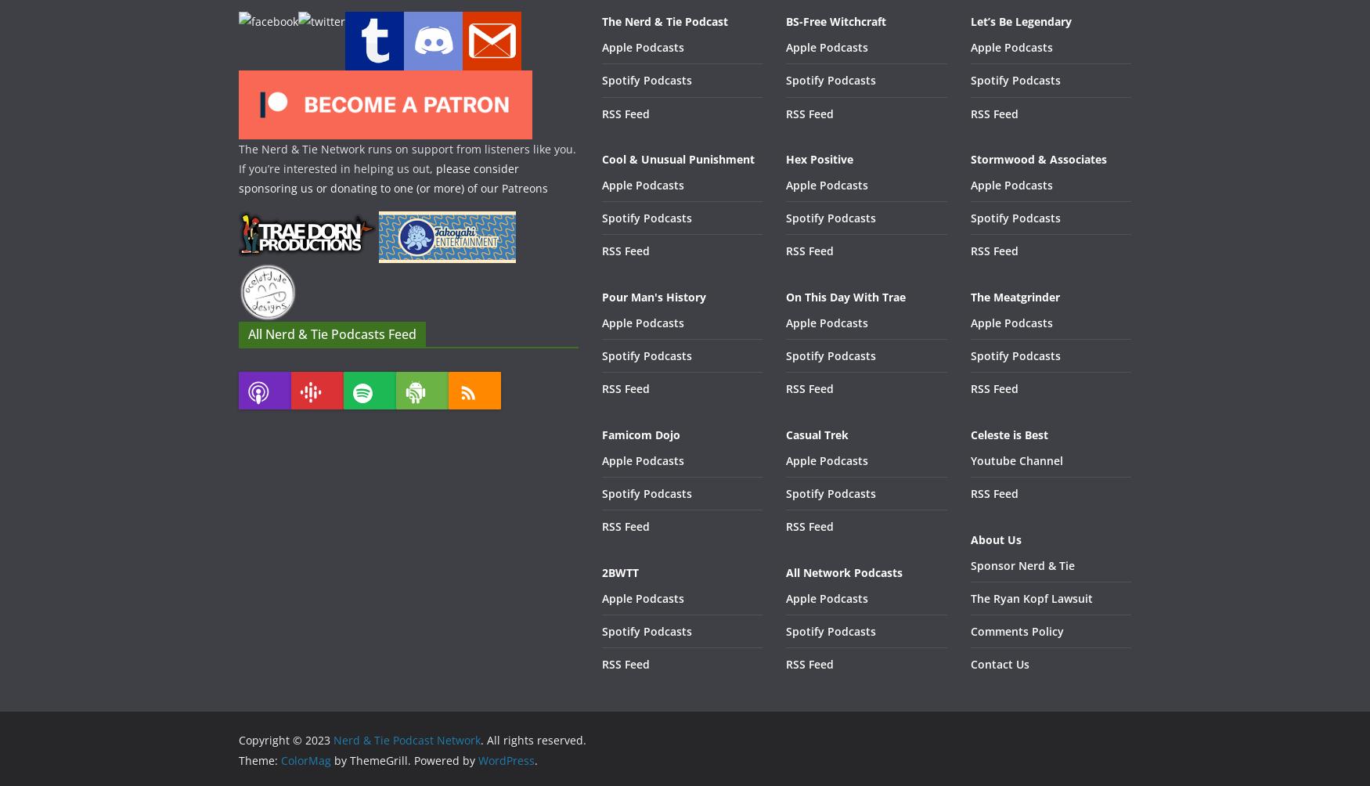 Image resolution: width=1370 pixels, height=786 pixels. Describe the element at coordinates (664, 20) in the screenshot. I see `'The Nerd & Tie Podcast'` at that location.